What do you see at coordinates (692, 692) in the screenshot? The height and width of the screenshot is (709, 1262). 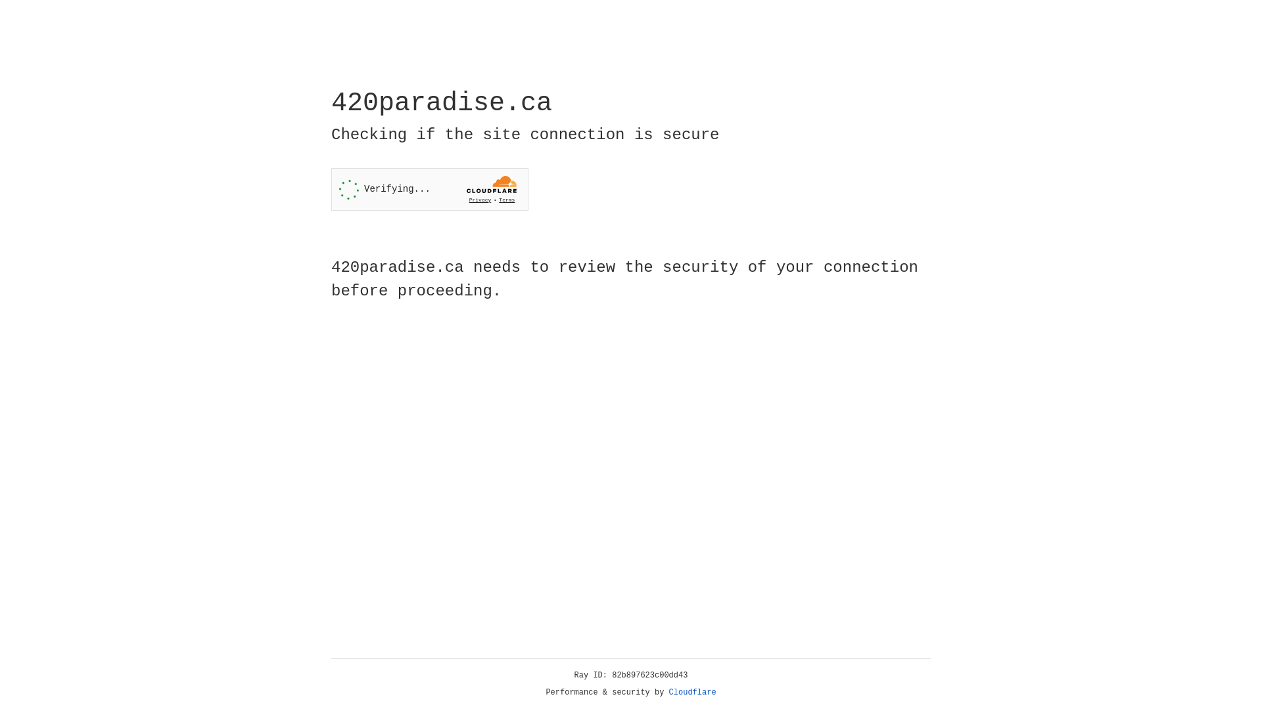 I see `'Cloudflare'` at bounding box center [692, 692].